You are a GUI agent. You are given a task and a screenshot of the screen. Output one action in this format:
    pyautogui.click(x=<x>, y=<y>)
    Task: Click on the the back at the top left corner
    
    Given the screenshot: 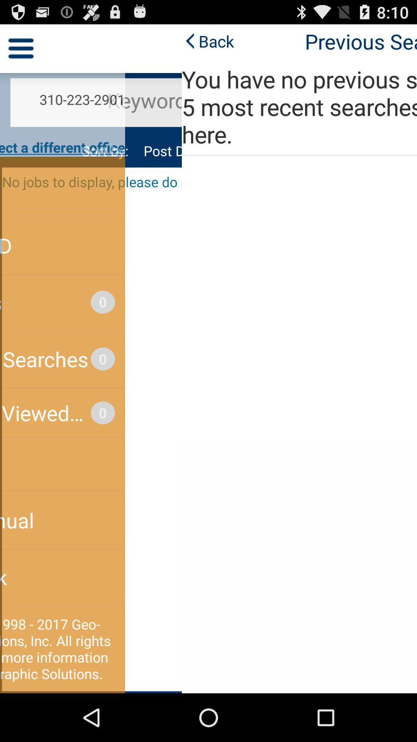 What is the action you would take?
    pyautogui.click(x=25, y=41)
    